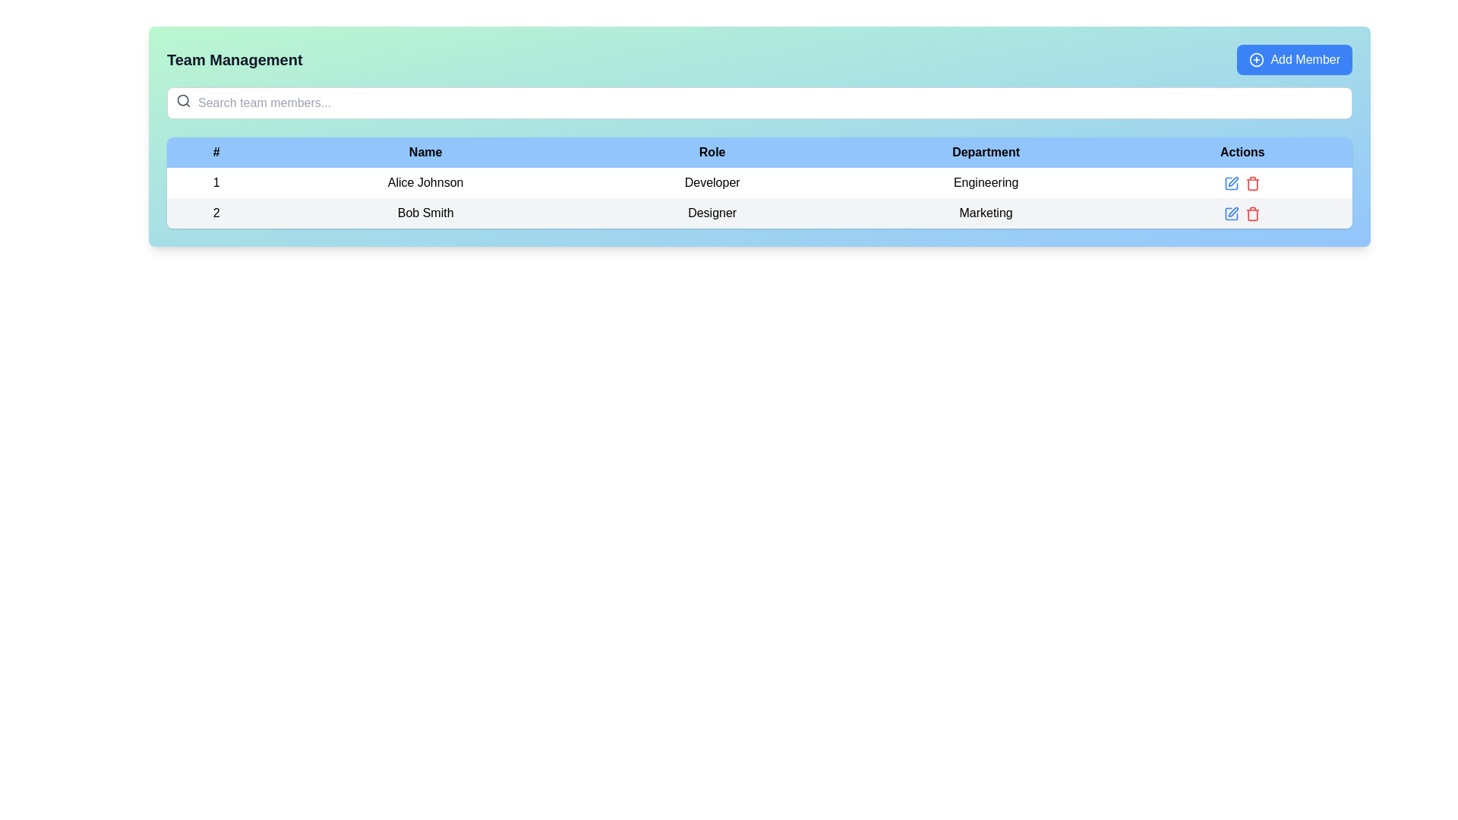 The image size is (1458, 820). What do you see at coordinates (425, 213) in the screenshot?
I see `the text label displaying 'Bob Smith', which is the second cell in the 'Name' column of a table, located directly below 'Alice Johnson'` at bounding box center [425, 213].